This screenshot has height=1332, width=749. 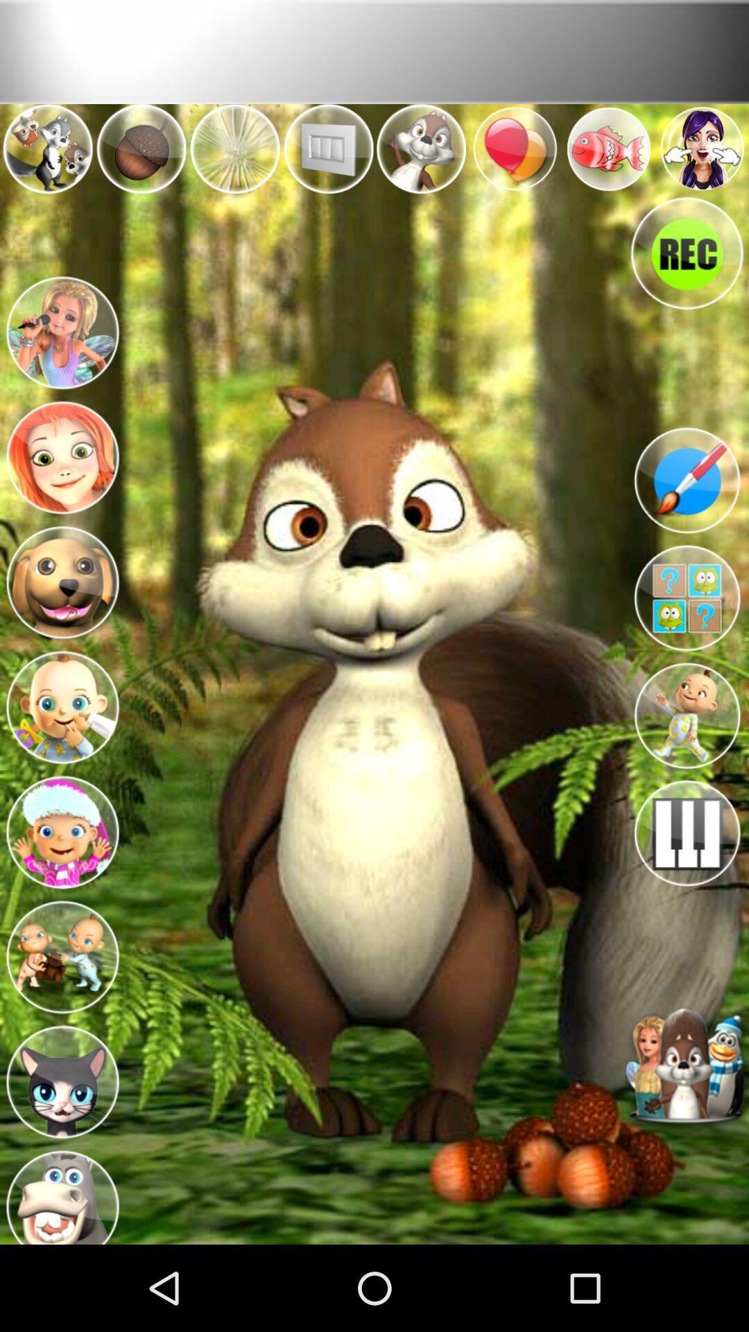 I want to click on music, so click(x=687, y=832).